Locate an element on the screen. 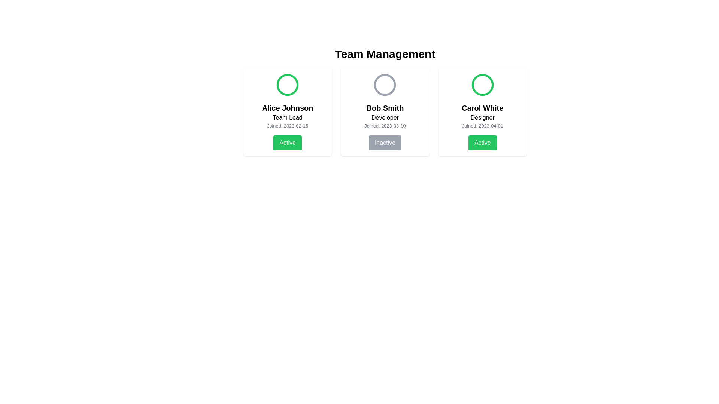 The width and height of the screenshot is (719, 404). the informational text label that displays the date Alice Johnson joined, located below the 'Team Lead' role description and above the 'Active' status button is located at coordinates (287, 125).